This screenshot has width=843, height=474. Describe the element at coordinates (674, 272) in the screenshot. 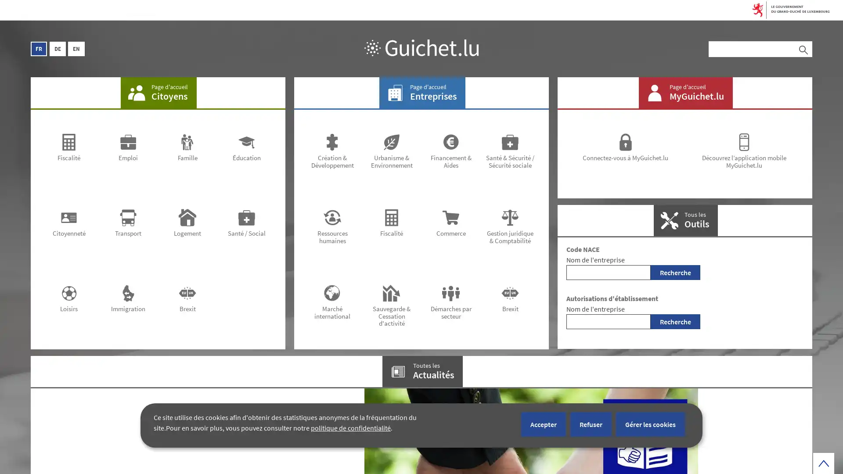

I see `Recherche` at that location.